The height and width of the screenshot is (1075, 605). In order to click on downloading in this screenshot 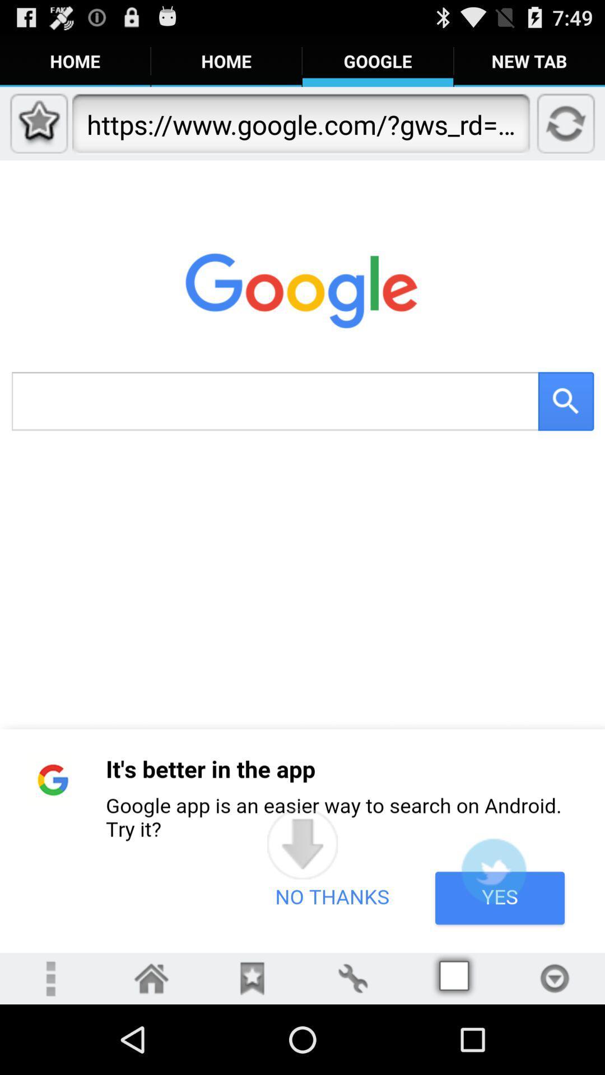, I will do `click(302, 844)`.